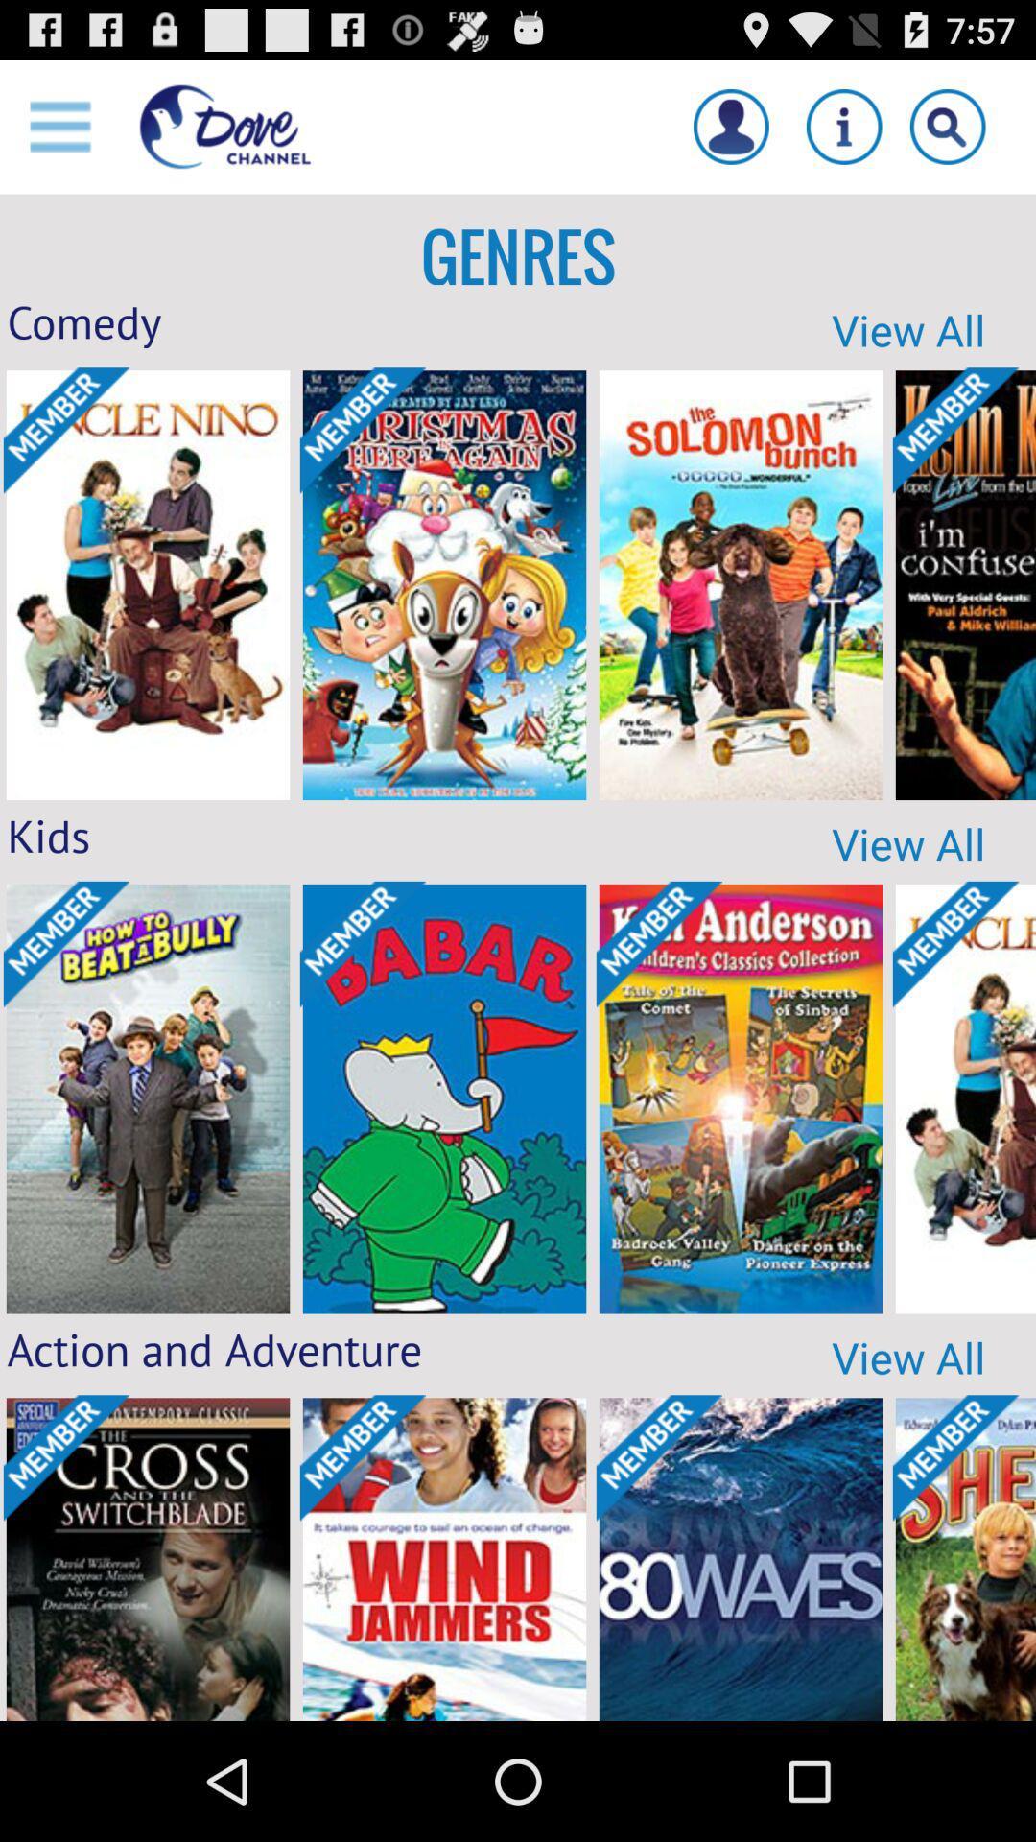 Image resolution: width=1036 pixels, height=1842 pixels. What do you see at coordinates (947, 134) in the screenshot?
I see `the search icon` at bounding box center [947, 134].